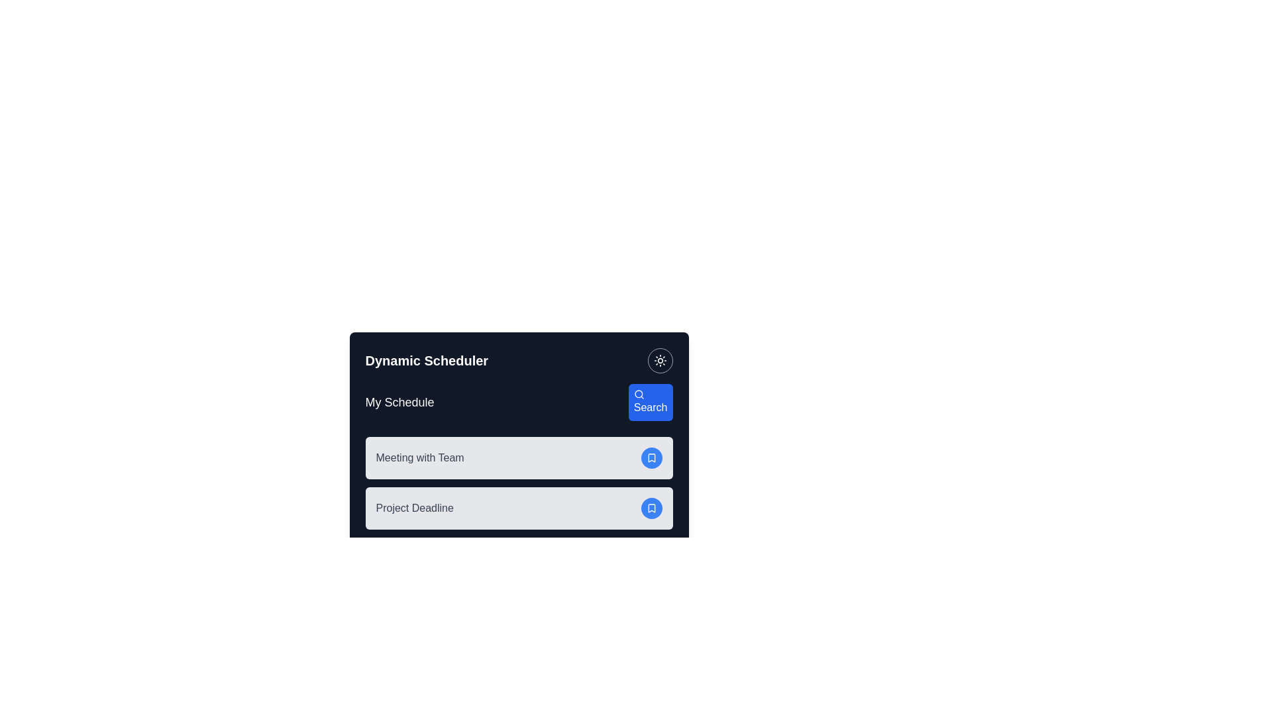 This screenshot has width=1272, height=715. I want to click on the circular component within the graphical search icon located in the top-right corner of the 'Dynamic Scheduler' card UI, so click(639, 393).